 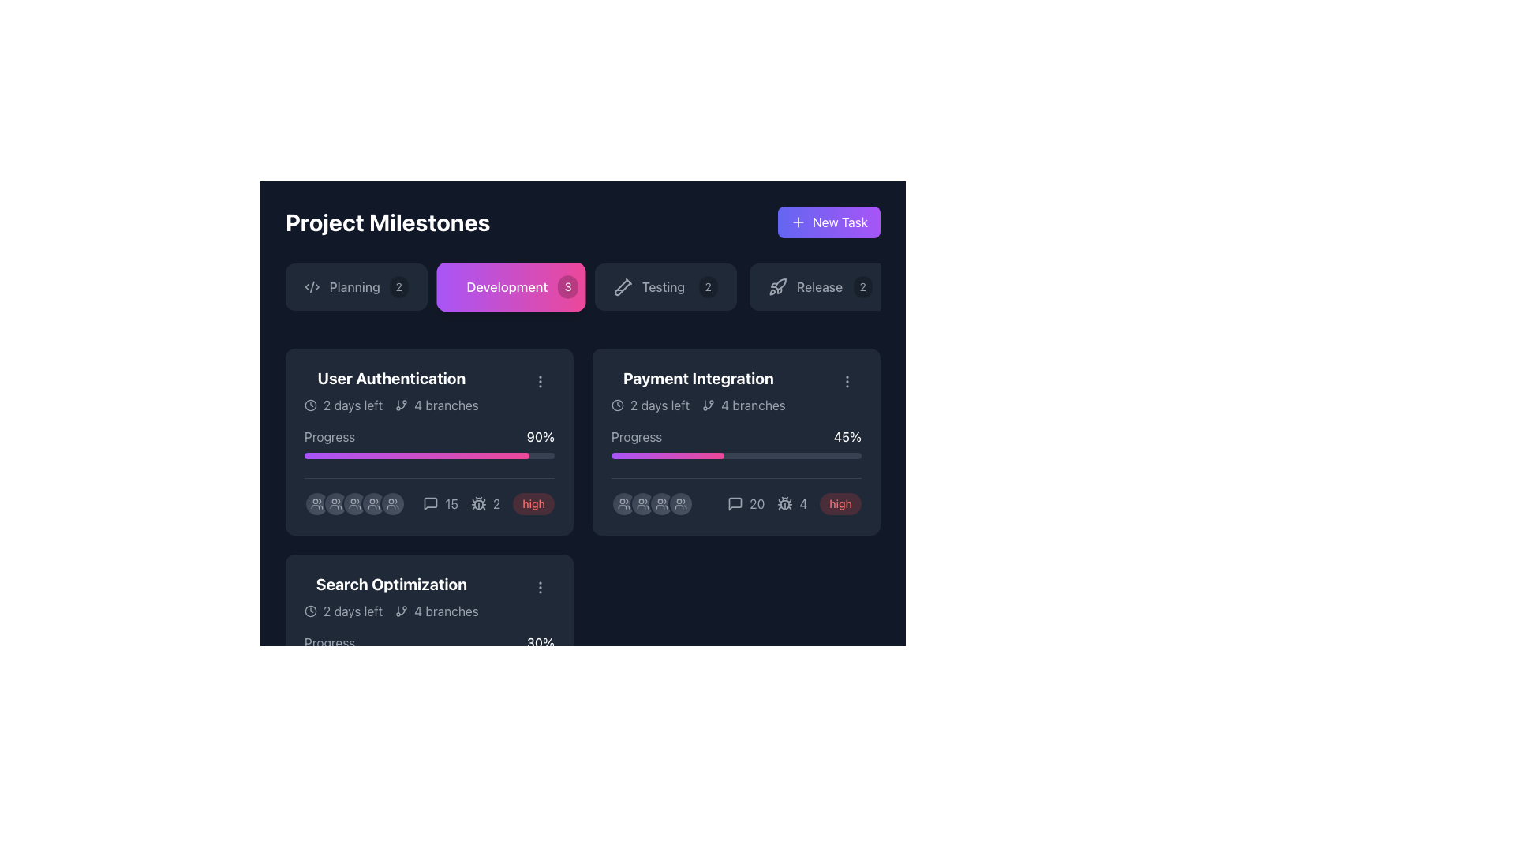 What do you see at coordinates (391, 584) in the screenshot?
I see `the card containing the 'Search Optimization' text label, which is prominently displayed in bold white font on a dark background, indicating its significance as a title within the 'Development' tab` at bounding box center [391, 584].